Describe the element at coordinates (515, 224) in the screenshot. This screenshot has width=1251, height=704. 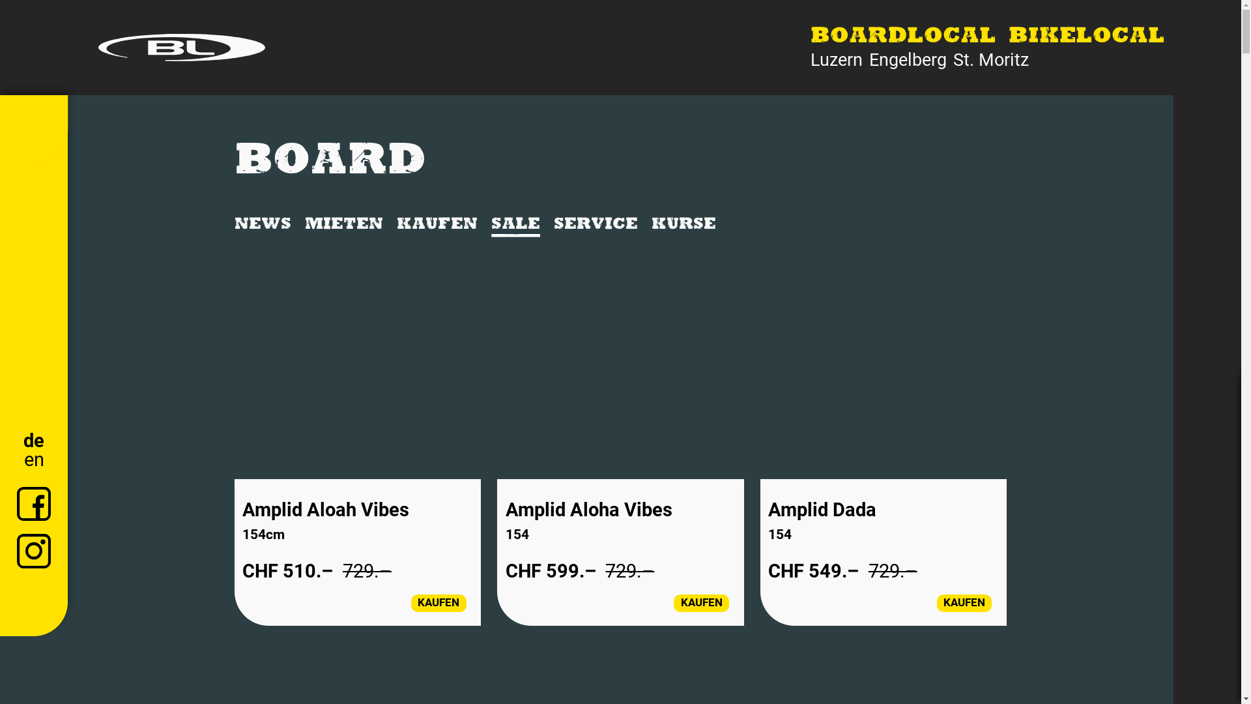
I see `'Sale'` at that location.